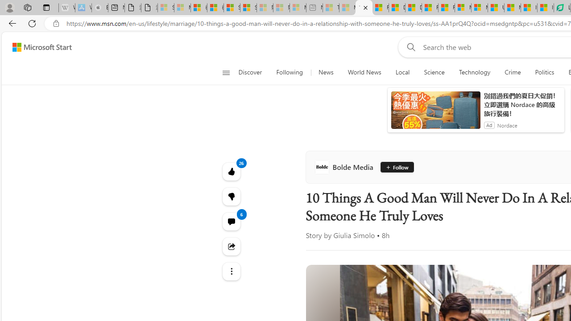 The height and width of the screenshot is (321, 571). Describe the element at coordinates (507, 125) in the screenshot. I see `'Nordace'` at that location.